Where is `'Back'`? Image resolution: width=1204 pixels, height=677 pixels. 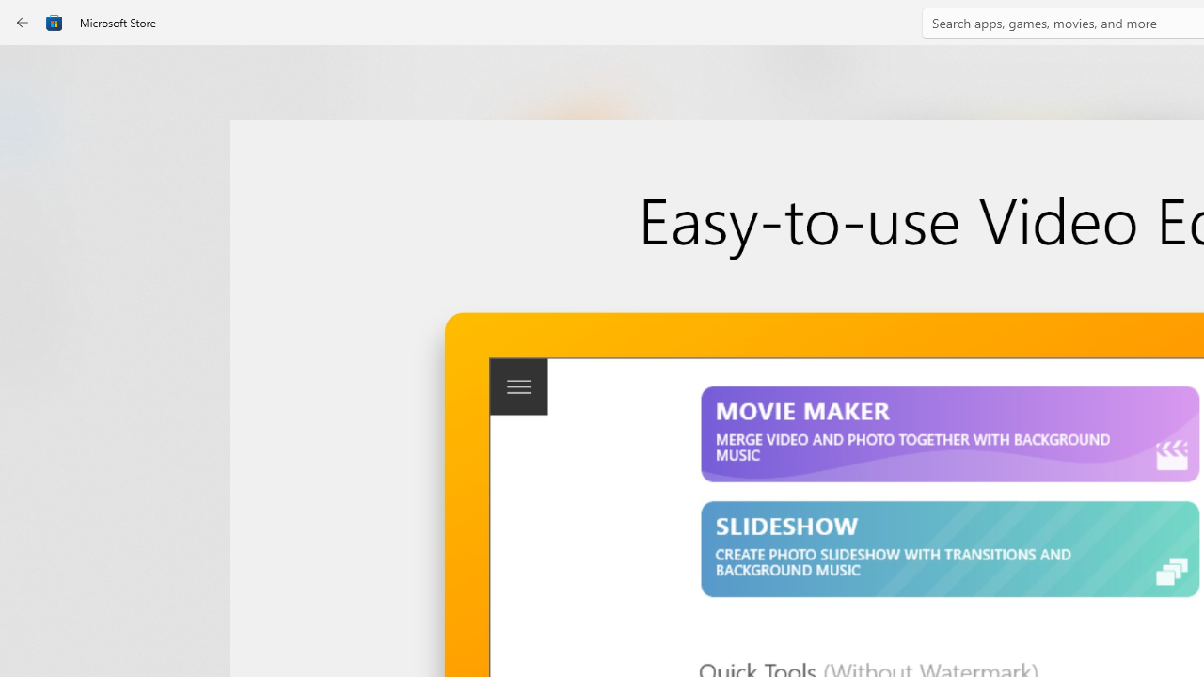
'Back' is located at coordinates (23, 23).